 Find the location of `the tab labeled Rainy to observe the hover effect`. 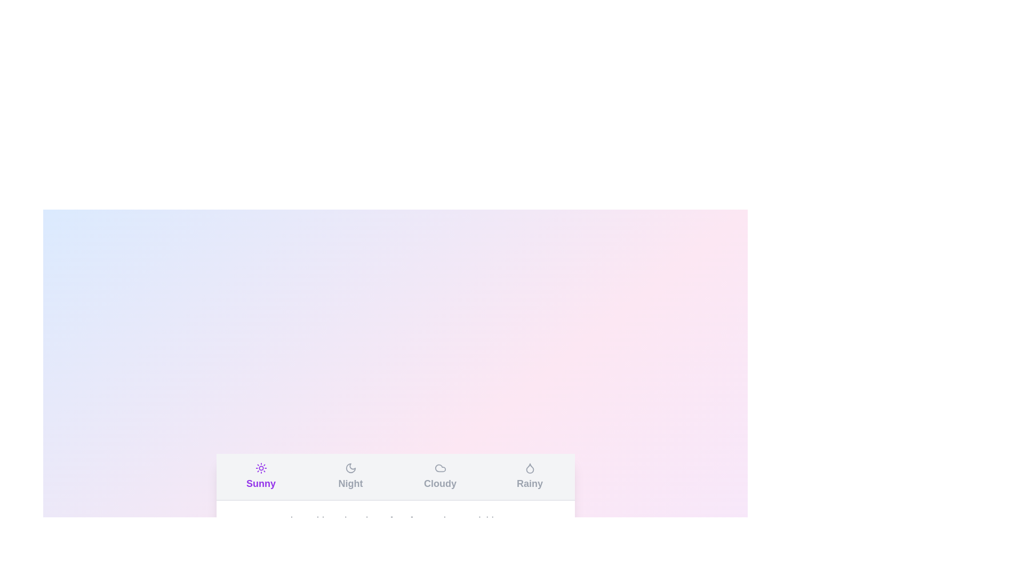

the tab labeled Rainy to observe the hover effect is located at coordinates (530, 476).